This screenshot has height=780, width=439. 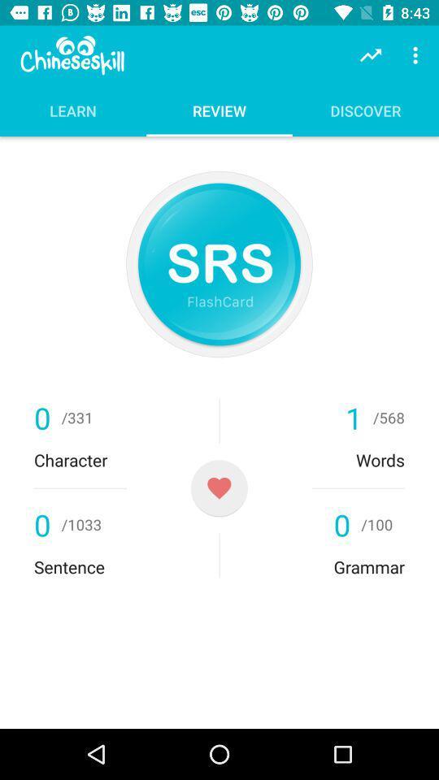 I want to click on icon below the review, so click(x=219, y=264).